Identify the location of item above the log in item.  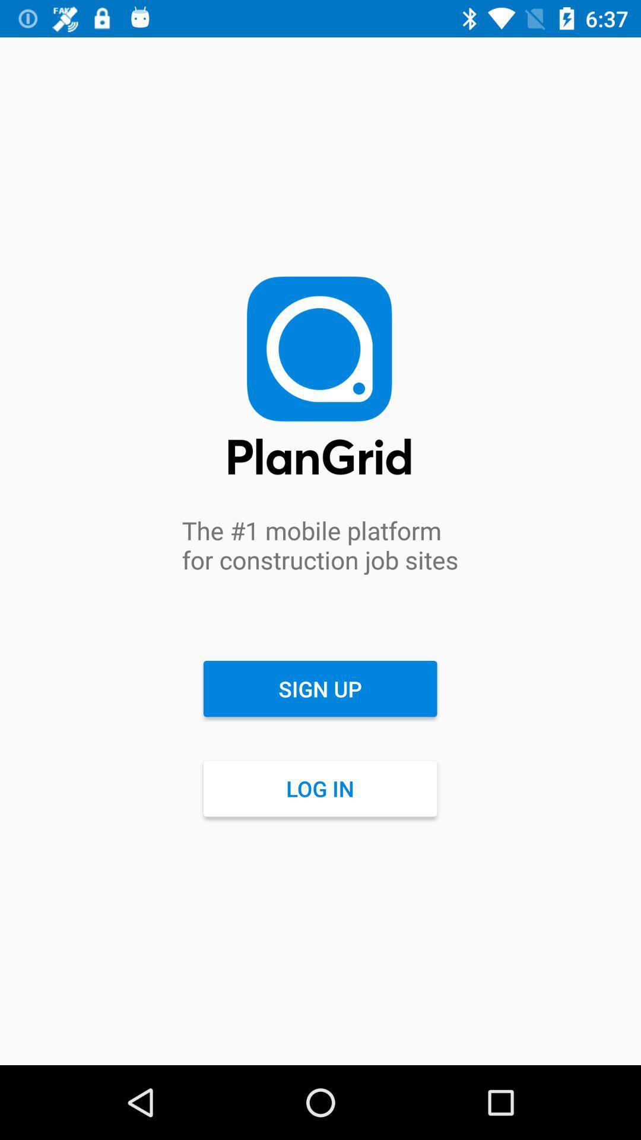
(319, 689).